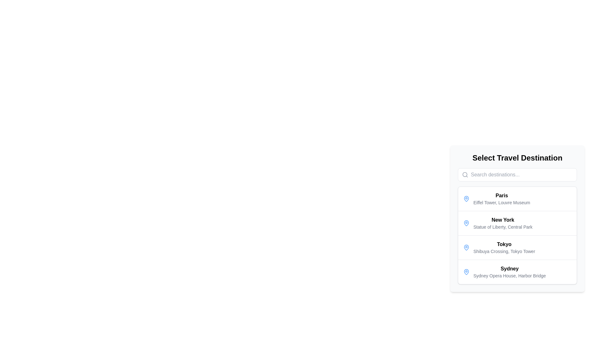  I want to click on the second list item representing the travel destination 'New York', so click(517, 223).